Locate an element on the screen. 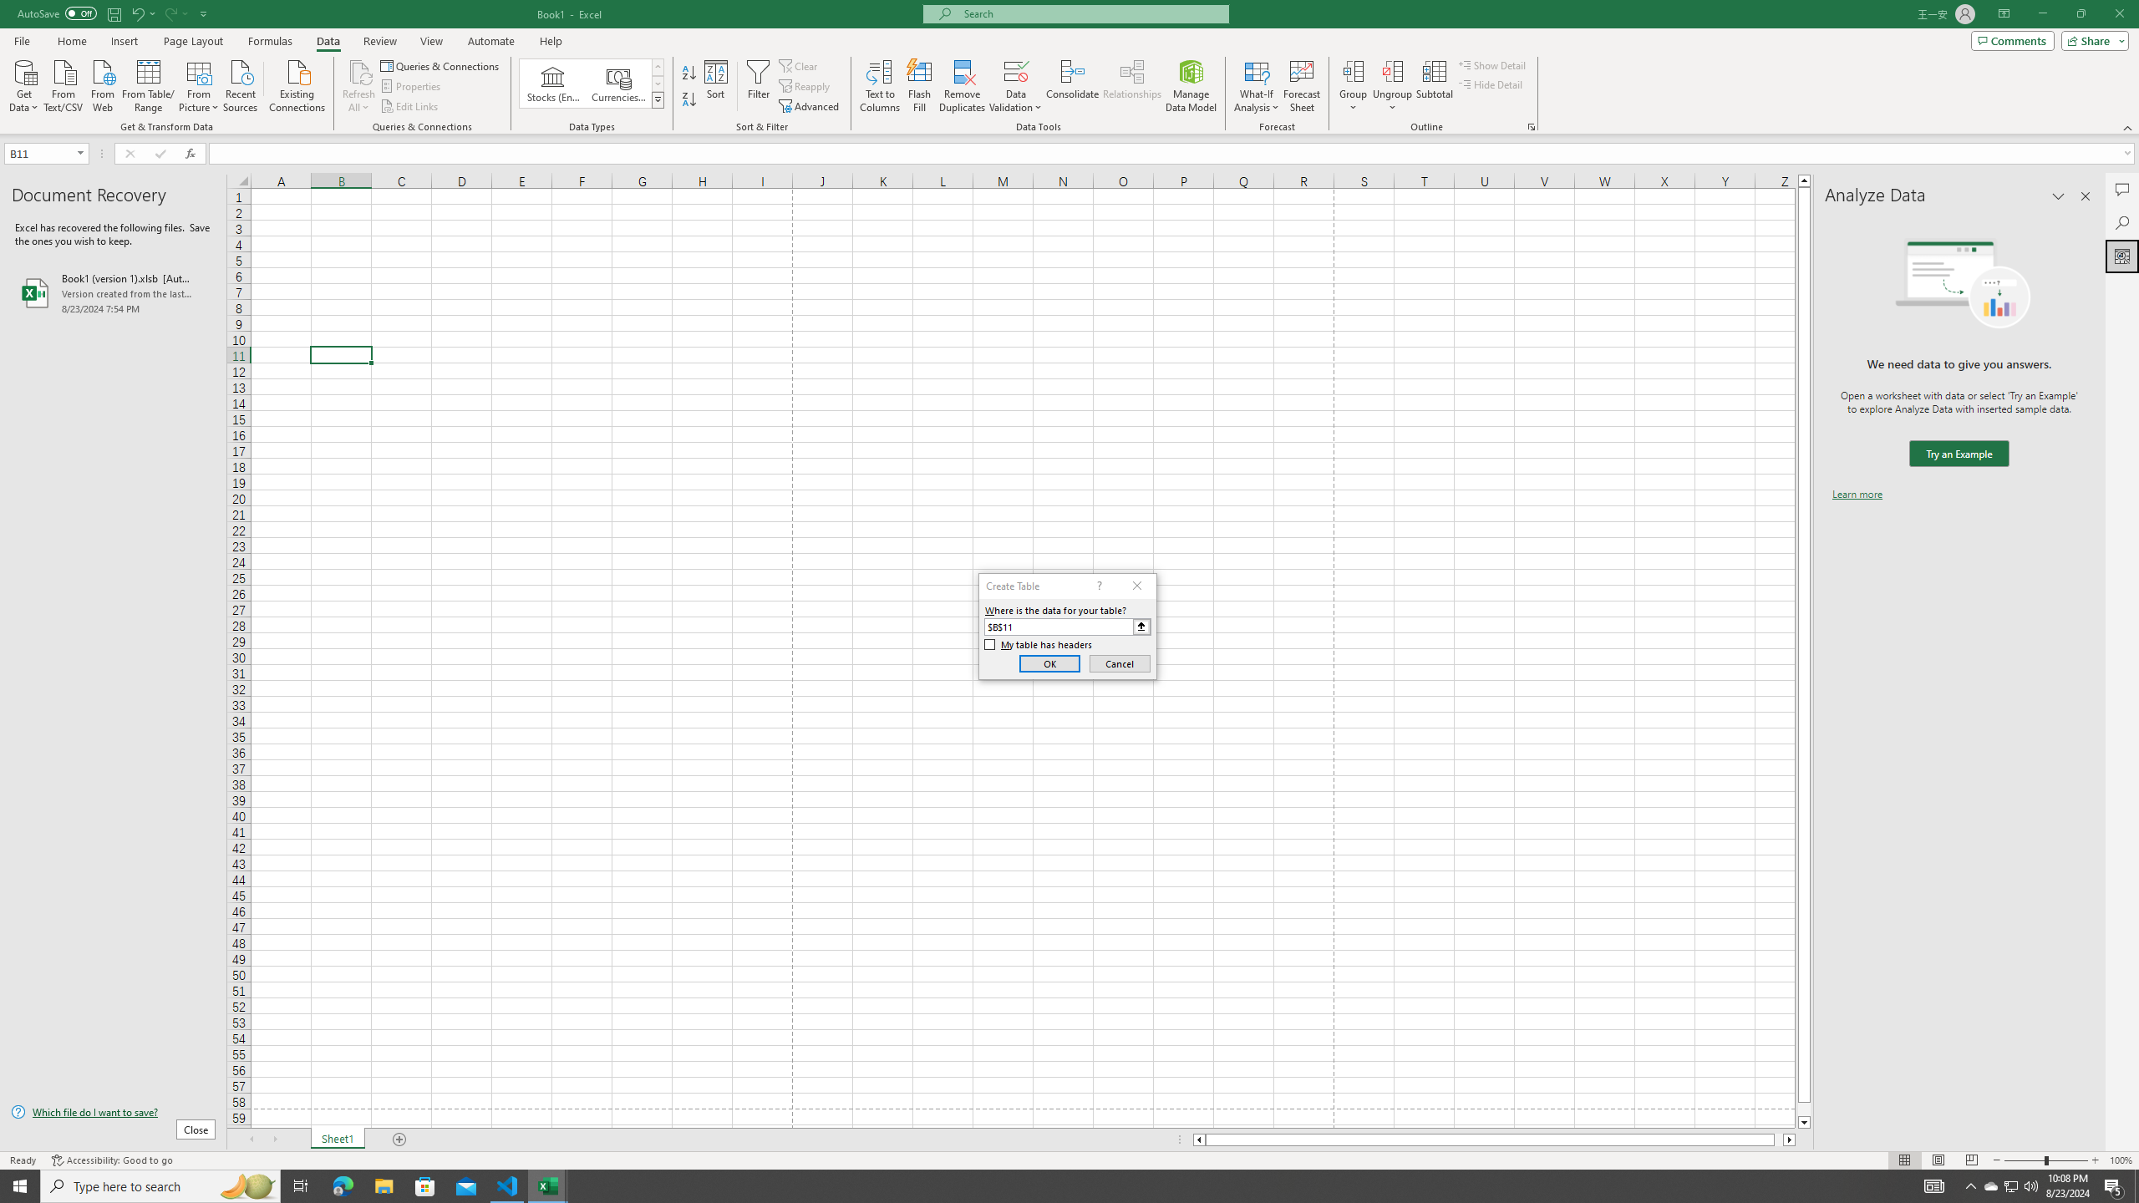  'Relationships' is located at coordinates (1131, 86).